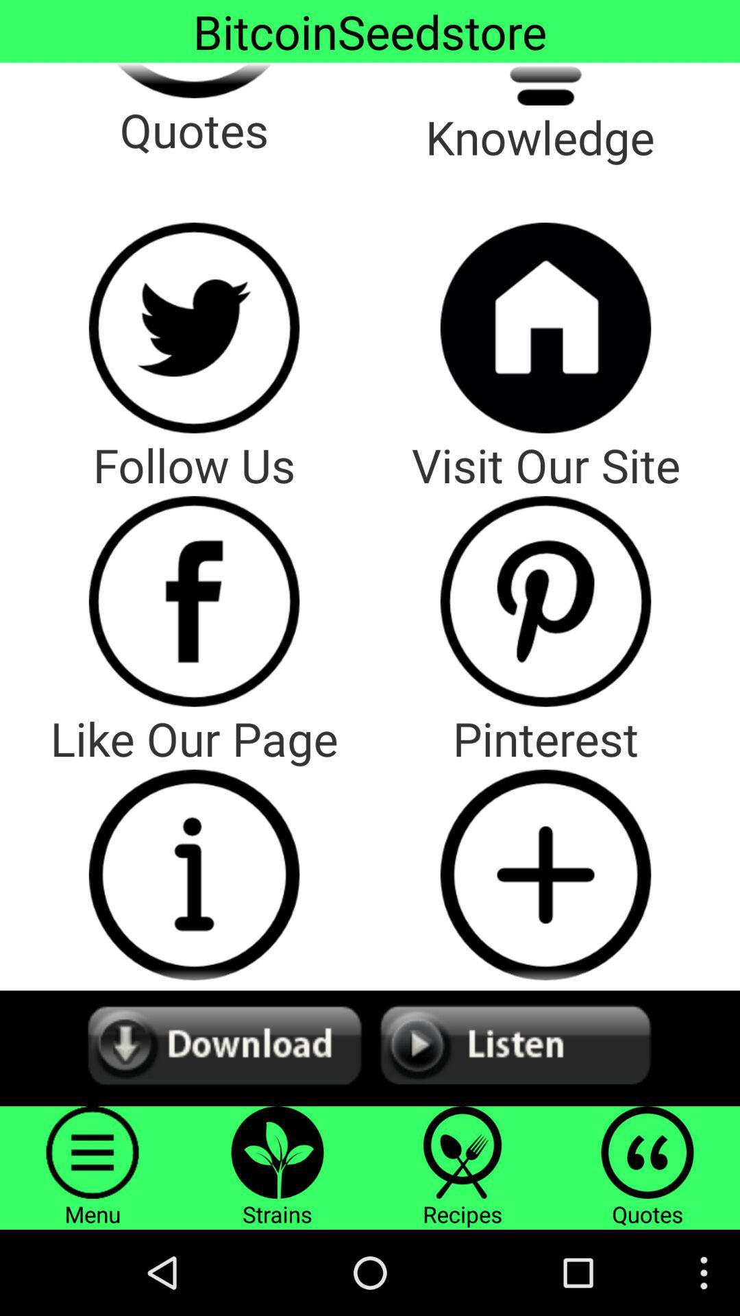 The width and height of the screenshot is (740, 1316). What do you see at coordinates (545, 874) in the screenshot?
I see `pin to pinterest` at bounding box center [545, 874].